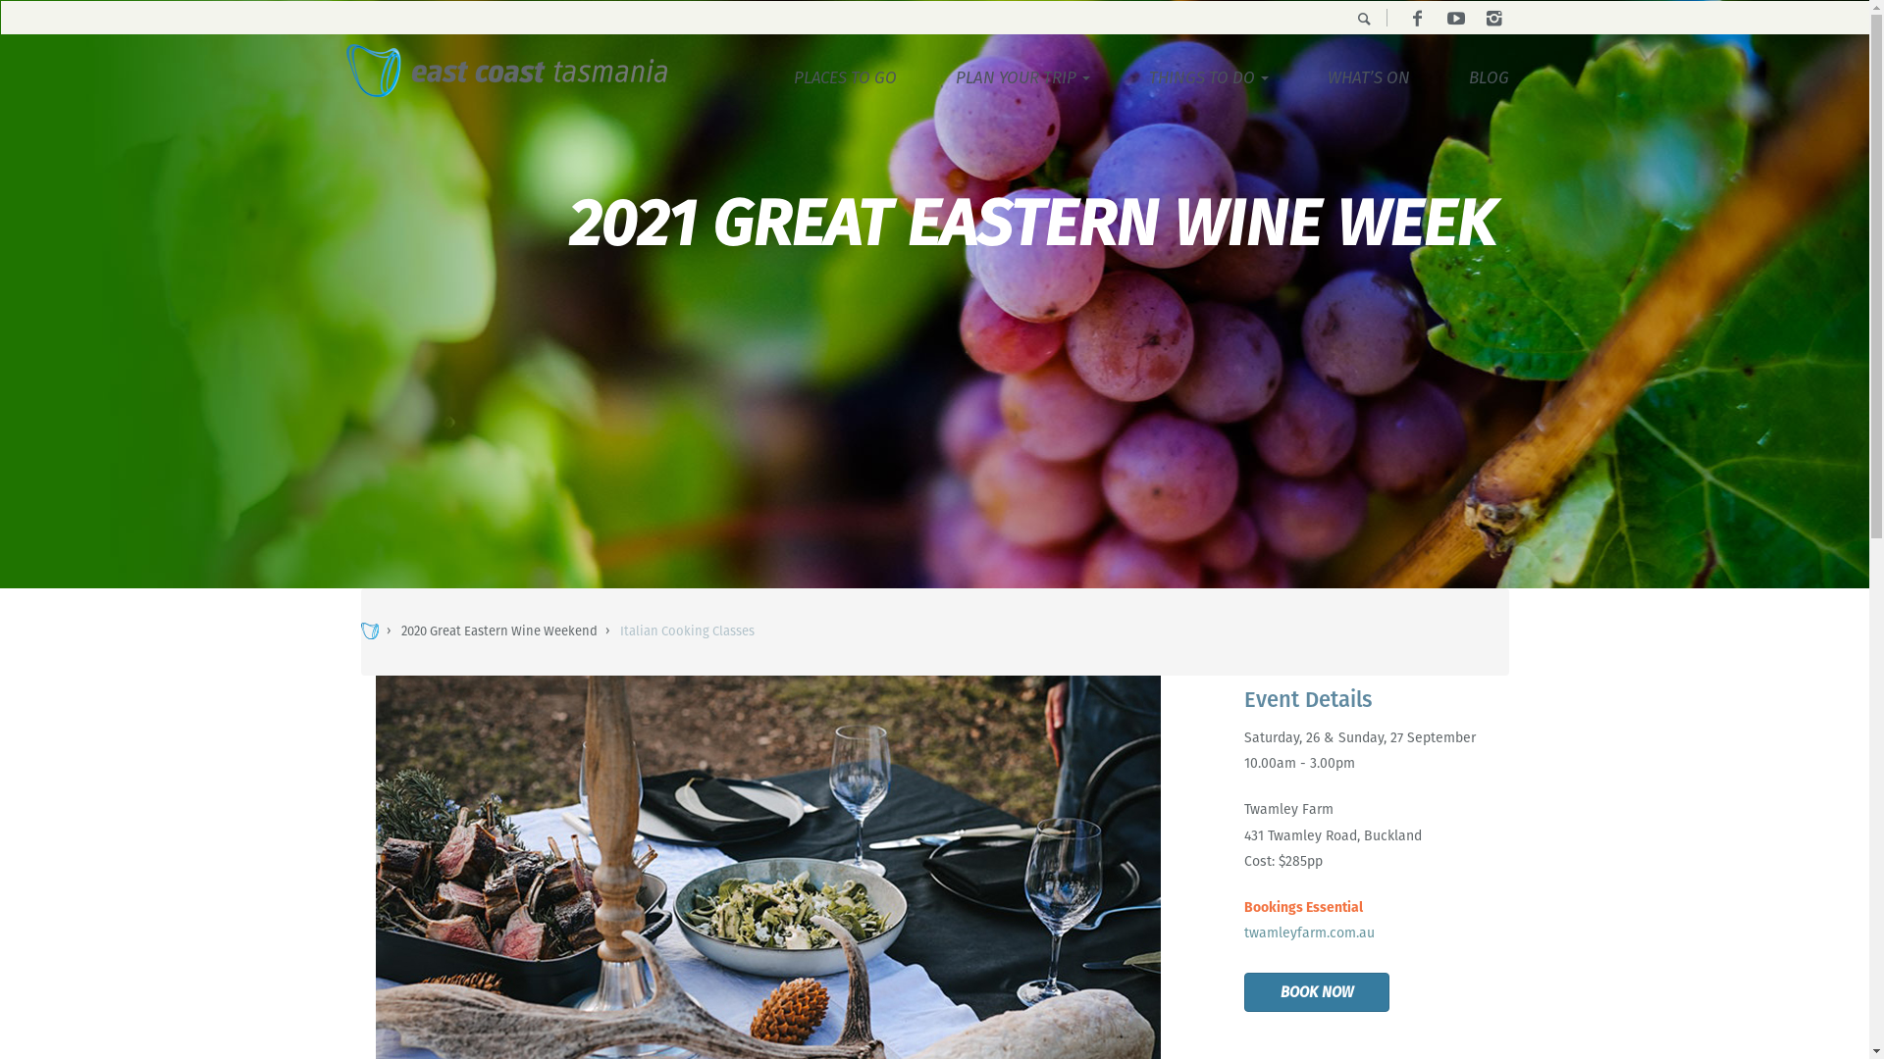 The height and width of the screenshot is (1059, 1884). What do you see at coordinates (1417, 19) in the screenshot?
I see `'FACEBOOK'` at bounding box center [1417, 19].